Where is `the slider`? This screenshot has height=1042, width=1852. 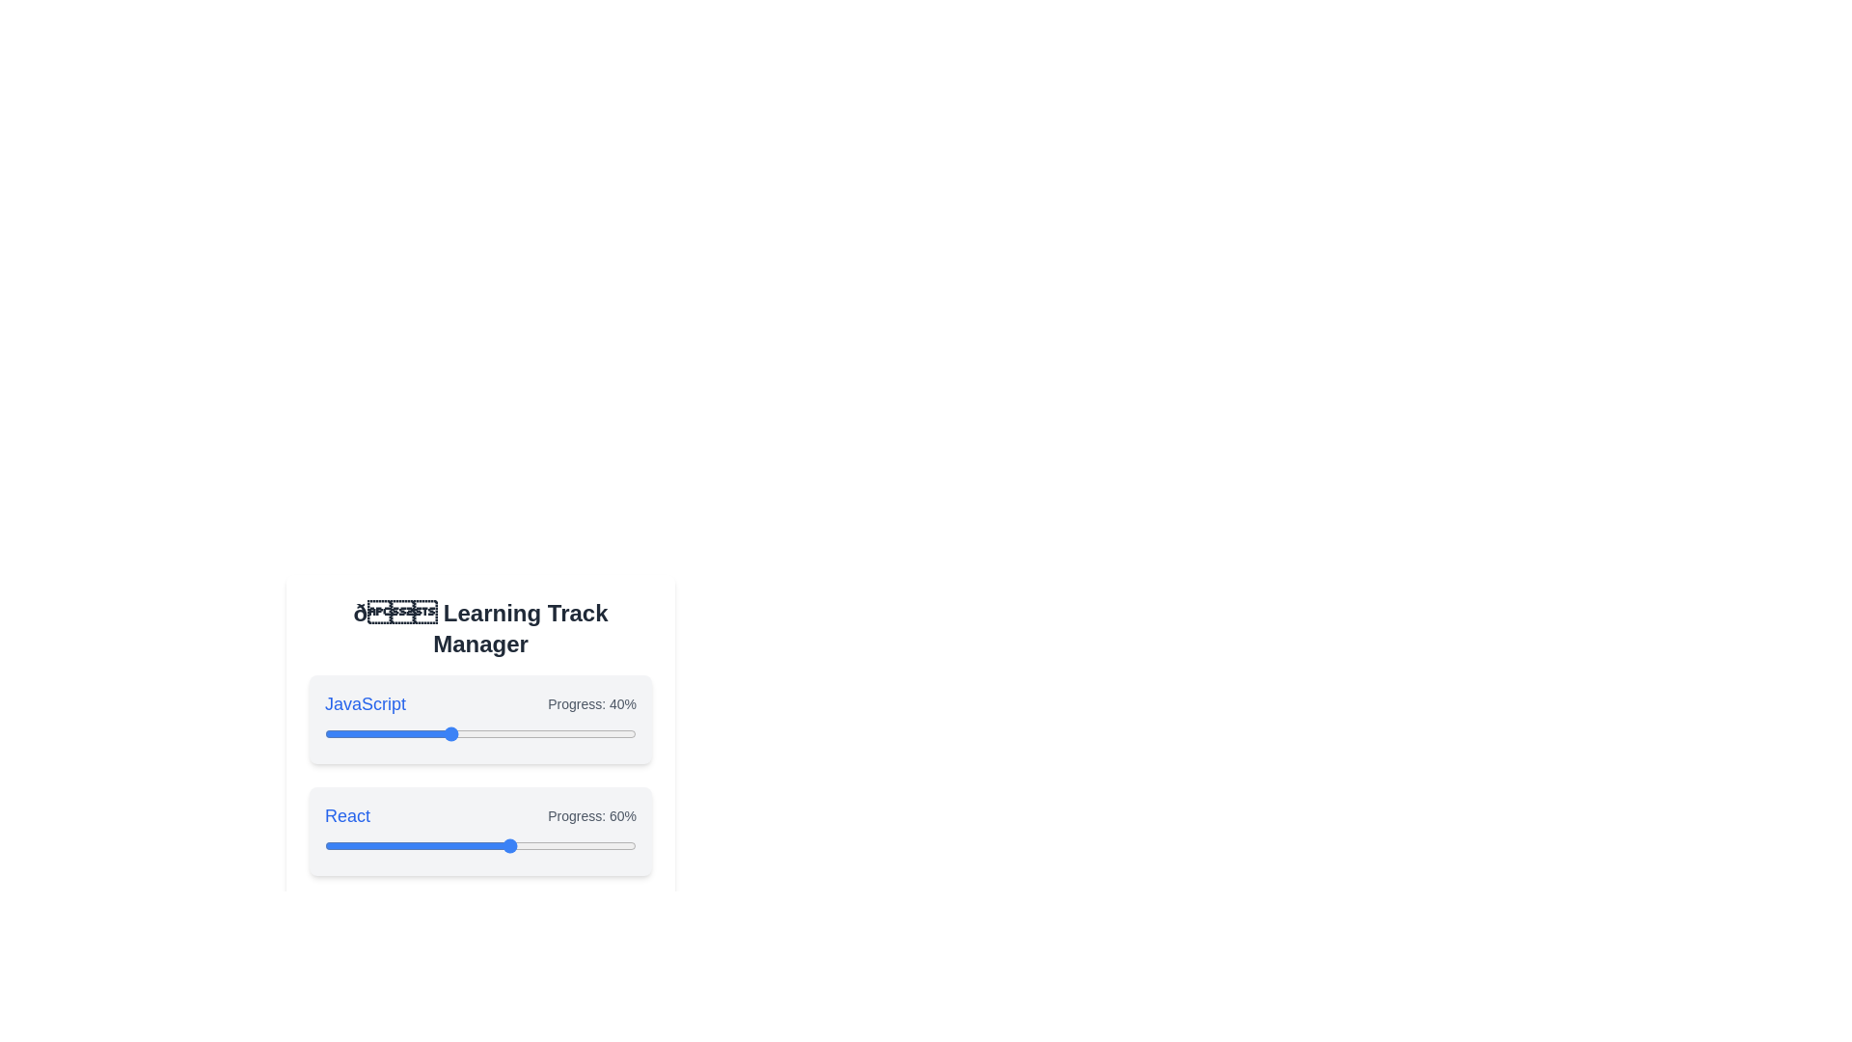
the slider is located at coordinates (439, 957).